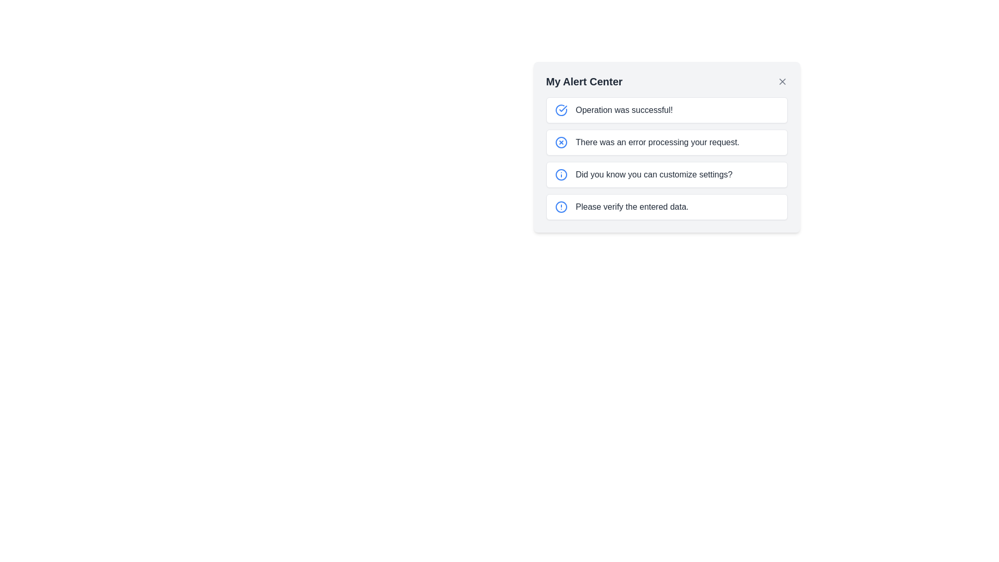 The height and width of the screenshot is (562, 999). What do you see at coordinates (667, 142) in the screenshot?
I see `the second Notification card that informs the user about a specific error, located between two other notifications in the vertical list` at bounding box center [667, 142].